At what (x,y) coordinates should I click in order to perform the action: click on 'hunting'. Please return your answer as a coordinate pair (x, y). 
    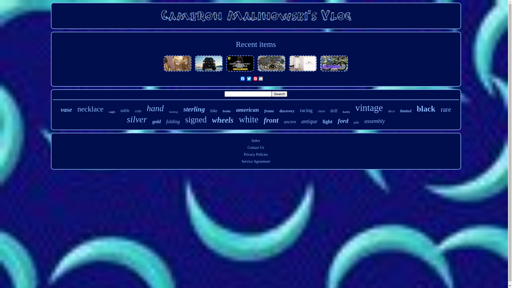
    Looking at the image, I should click on (174, 111).